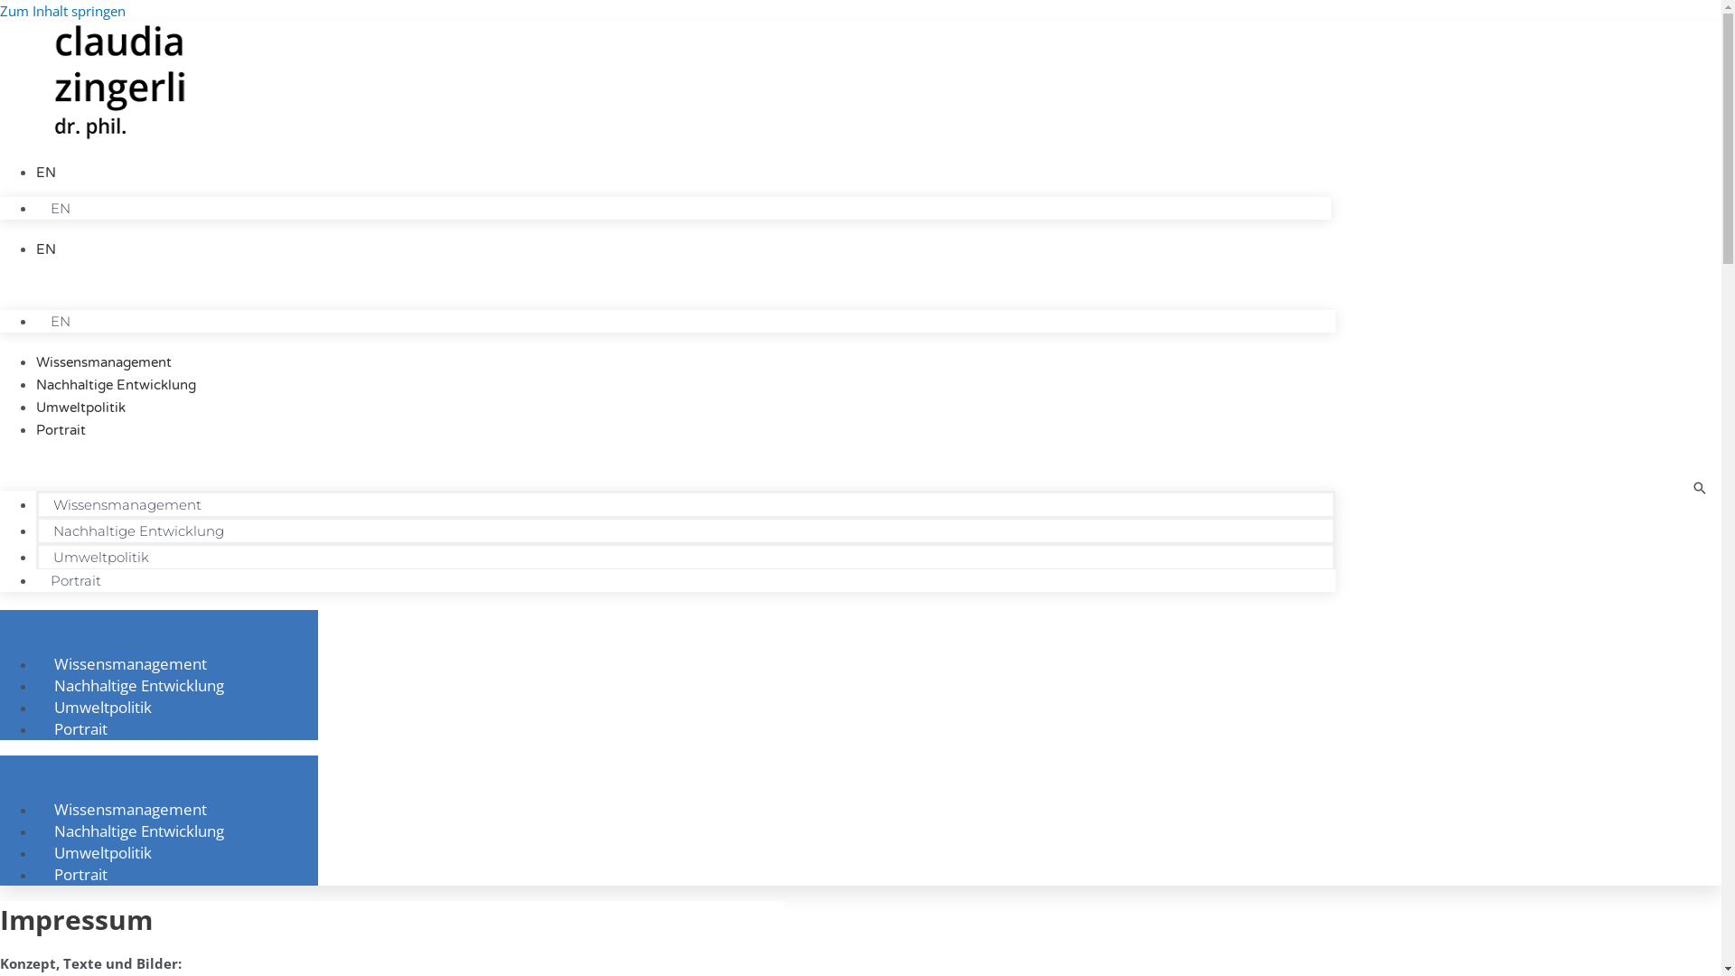 The image size is (1735, 976). I want to click on 'Wissensmanagement', so click(129, 662).